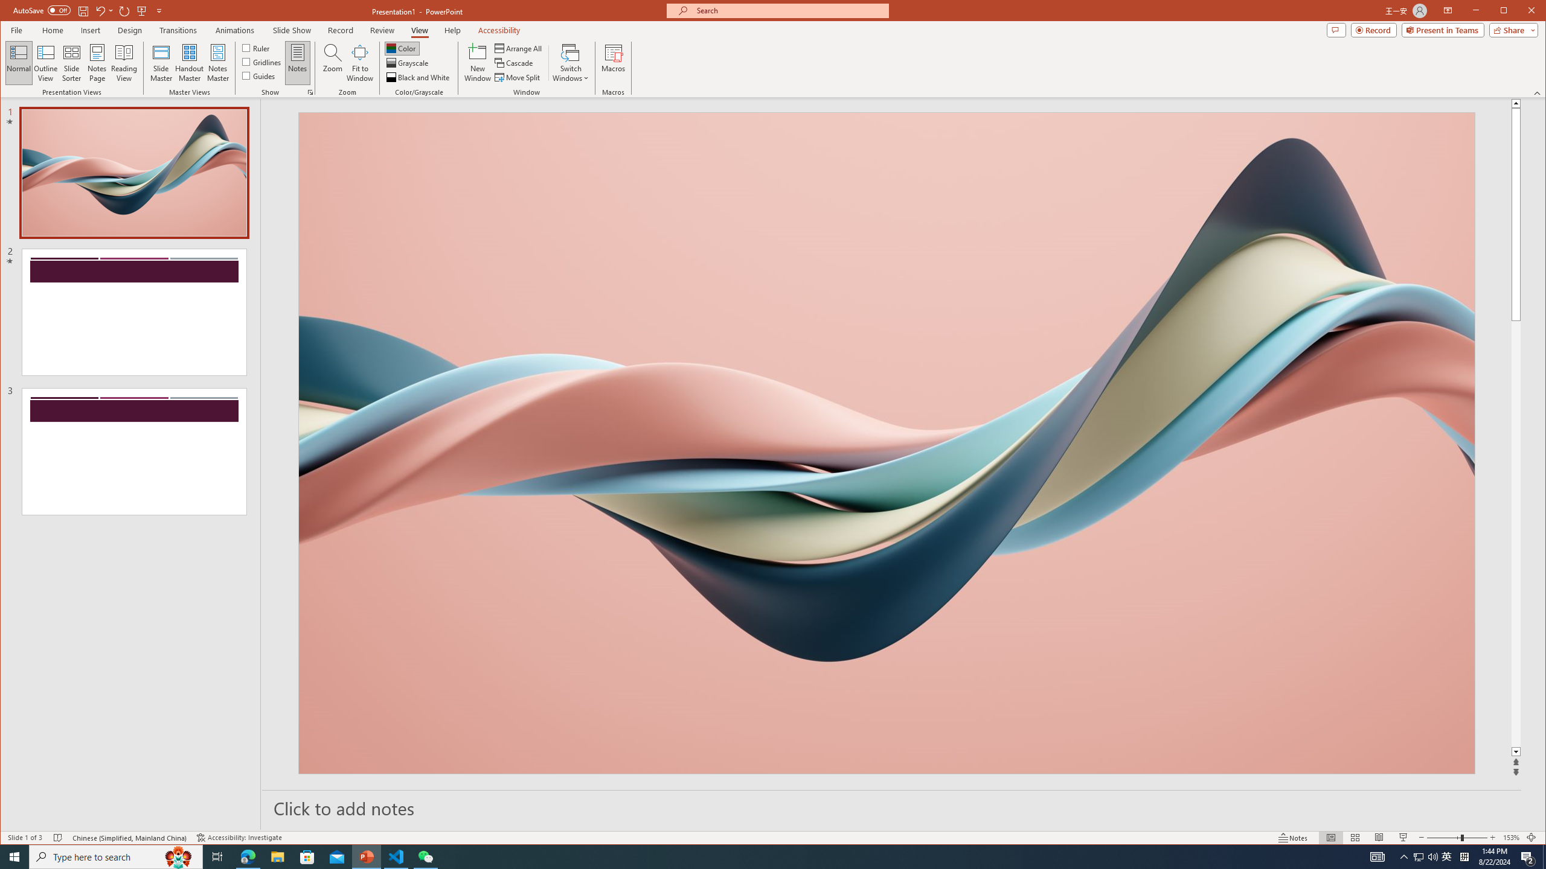  What do you see at coordinates (45, 62) in the screenshot?
I see `'Outline View'` at bounding box center [45, 62].